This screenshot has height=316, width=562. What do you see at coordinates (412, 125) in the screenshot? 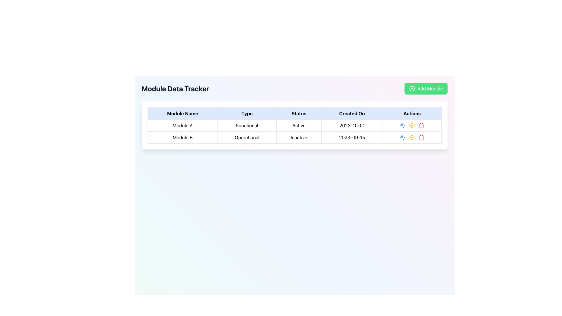
I see `the yellow gear wheel icon in the 'Actions' column of the second row of the 'Module Data Tracker' table` at bounding box center [412, 125].